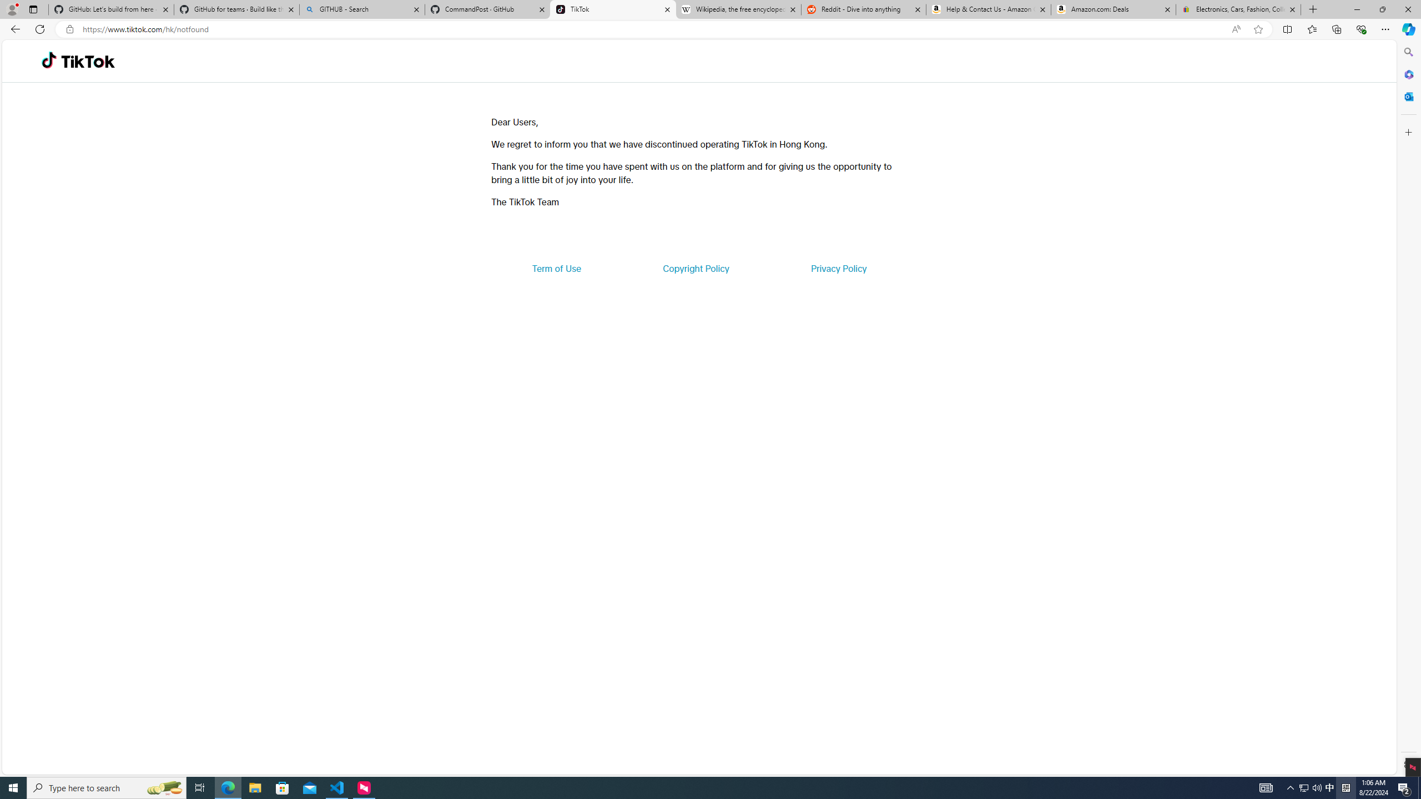  What do you see at coordinates (1360, 28) in the screenshot?
I see `'Browser essentials'` at bounding box center [1360, 28].